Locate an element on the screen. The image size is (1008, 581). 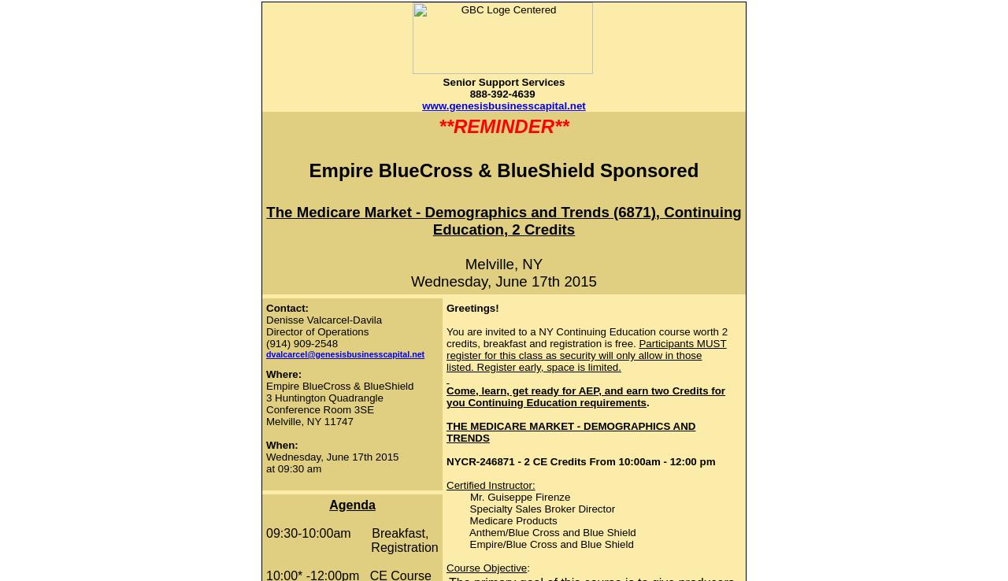
'Denisse Valcarcel-Davila' is located at coordinates (323, 319).